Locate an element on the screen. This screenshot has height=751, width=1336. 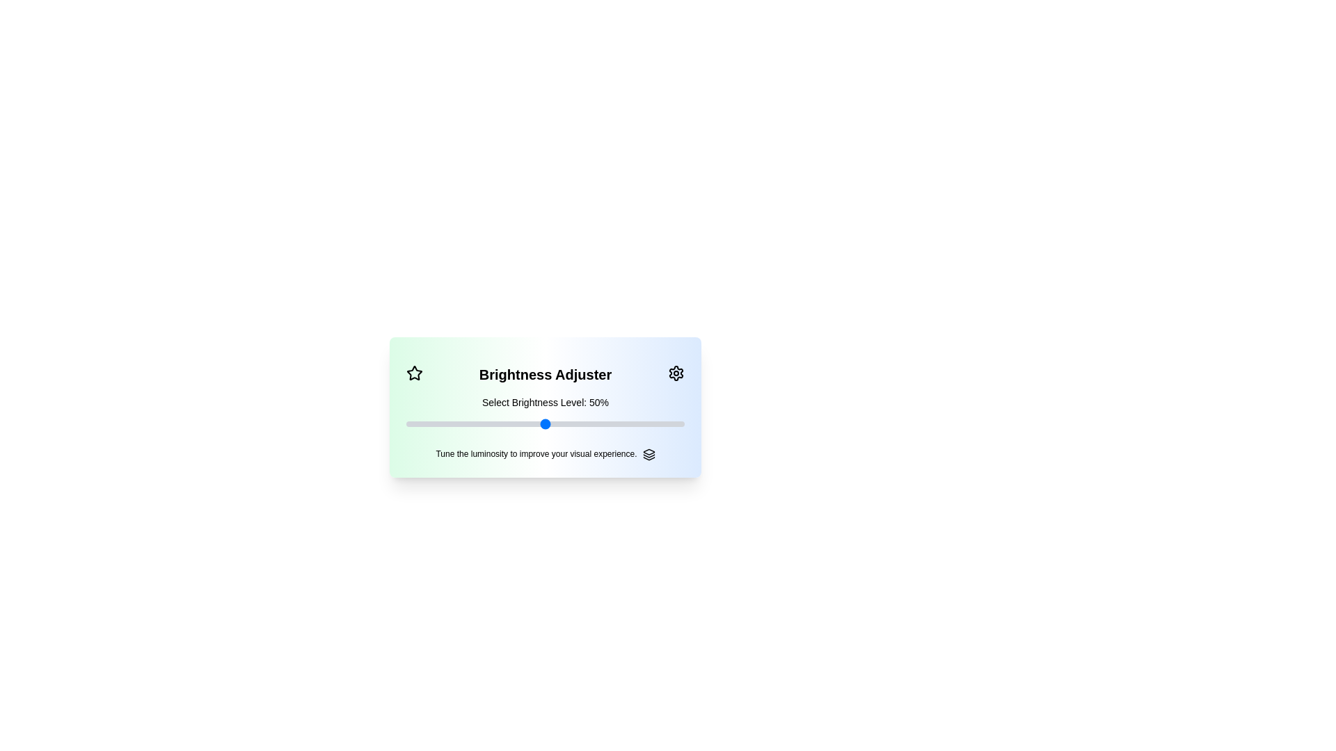
the slider to set brightness to 16% is located at coordinates (406, 423).